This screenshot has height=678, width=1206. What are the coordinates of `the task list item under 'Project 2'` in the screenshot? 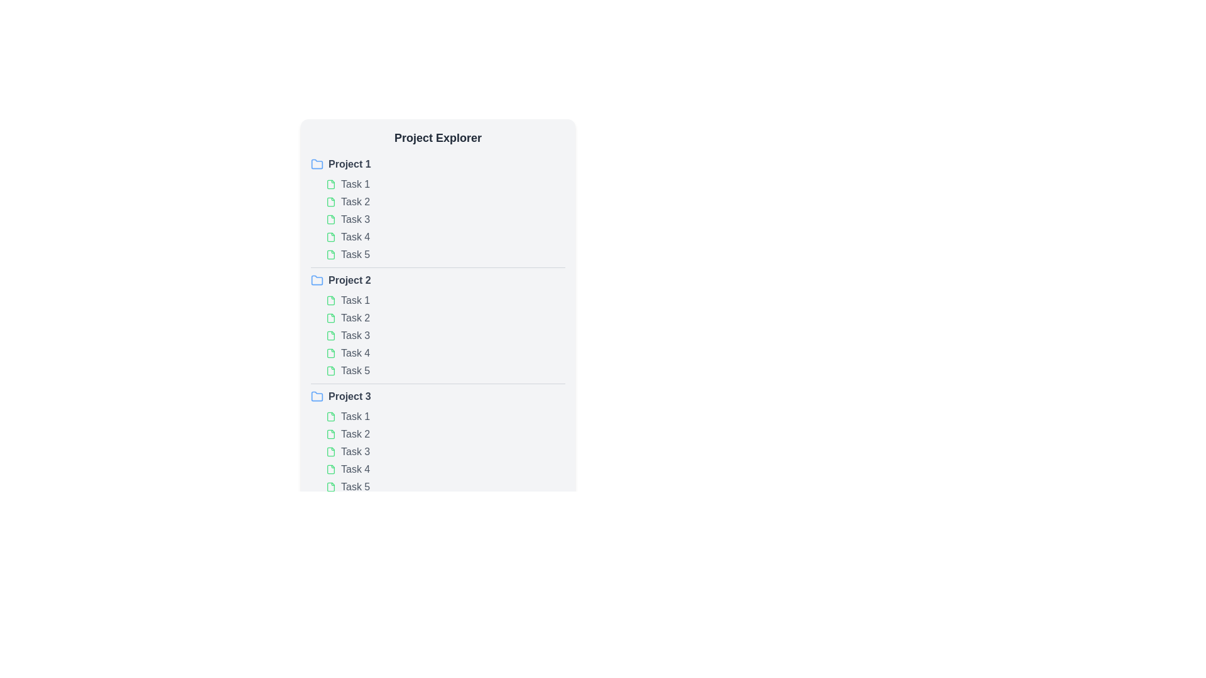 It's located at (445, 335).